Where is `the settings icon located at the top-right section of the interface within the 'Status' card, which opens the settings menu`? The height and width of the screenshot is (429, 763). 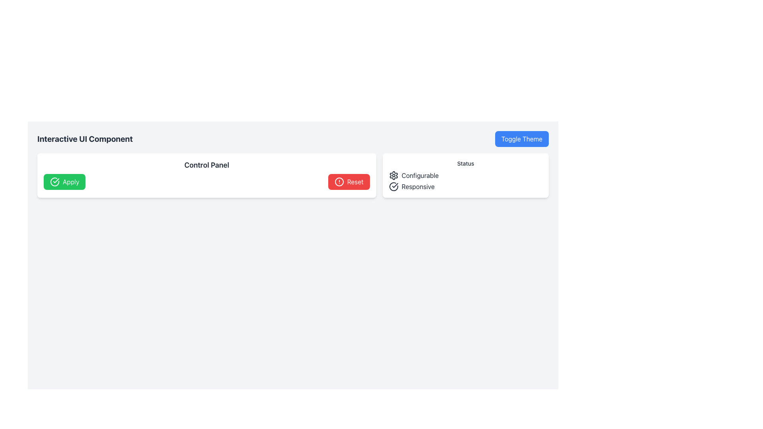
the settings icon located at the top-right section of the interface within the 'Status' card, which opens the settings menu is located at coordinates (393, 175).